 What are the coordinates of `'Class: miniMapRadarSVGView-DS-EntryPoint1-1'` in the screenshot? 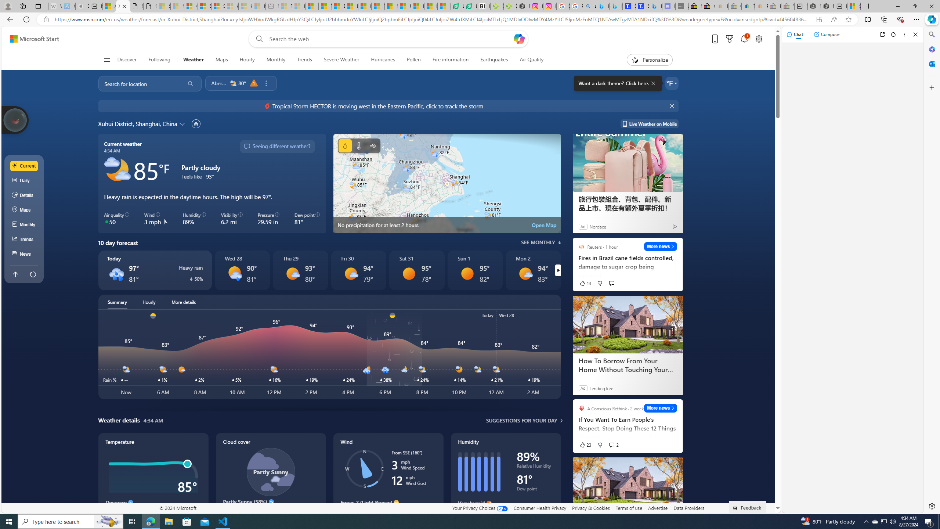 It's located at (446, 183).